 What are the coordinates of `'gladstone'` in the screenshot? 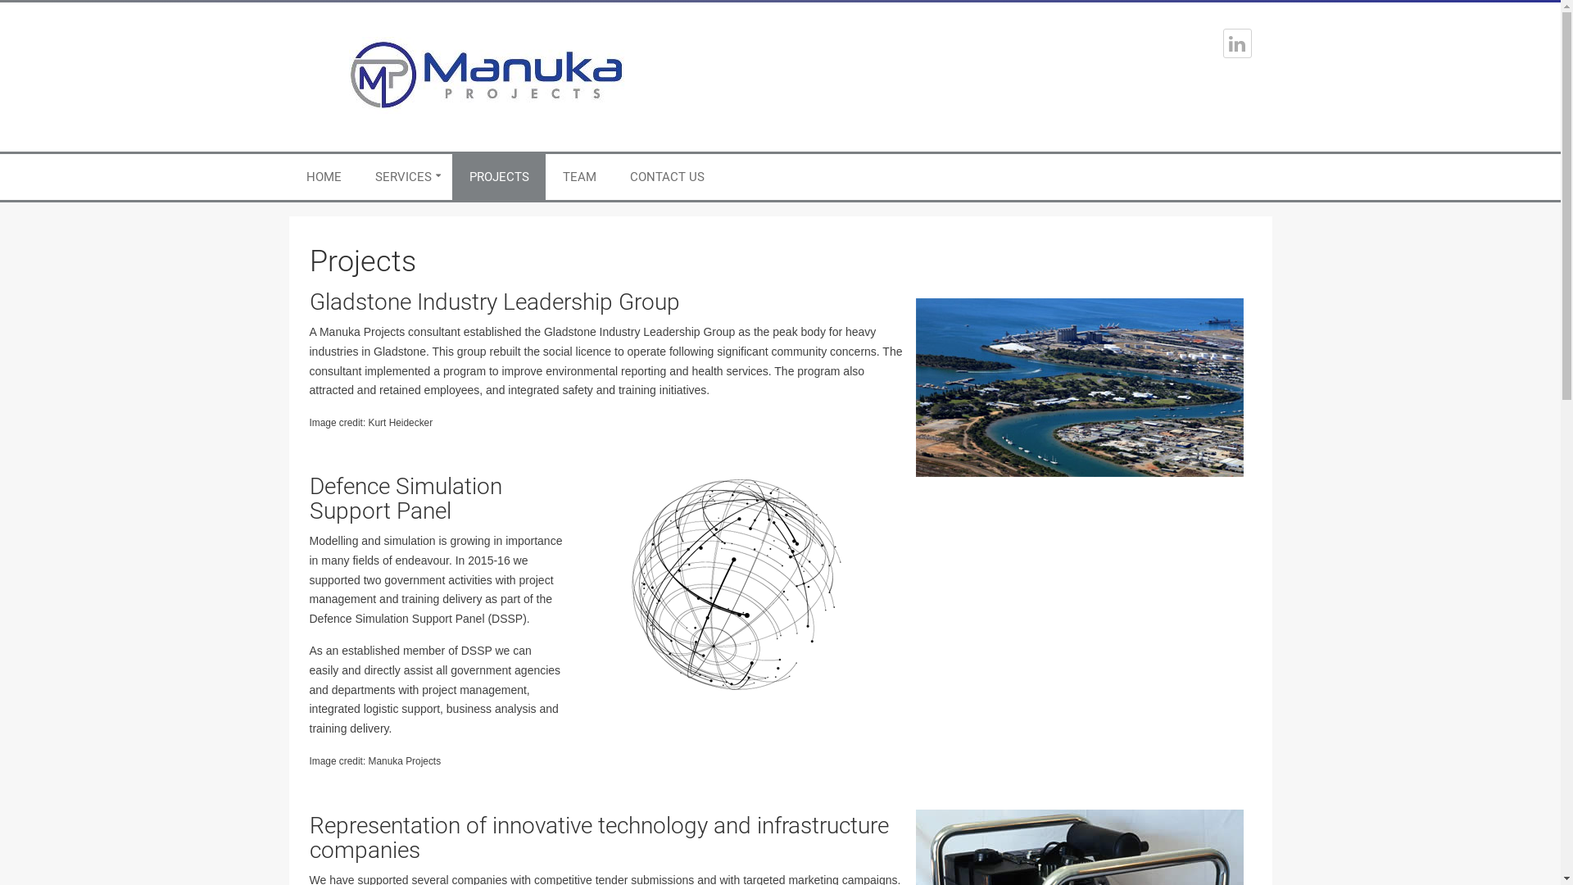 It's located at (1080, 388).